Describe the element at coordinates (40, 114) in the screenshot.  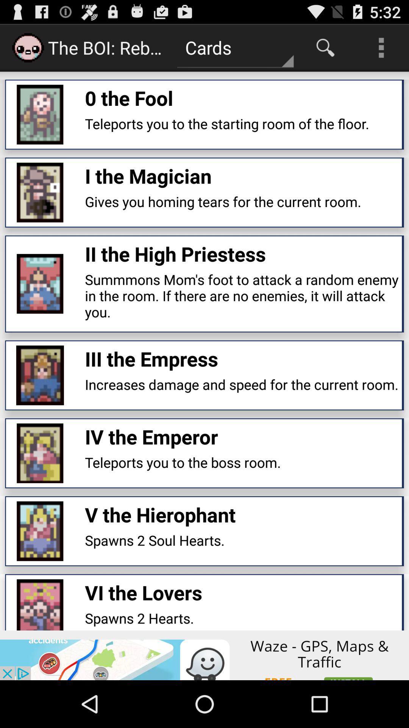
I see `the icon in first option` at that location.